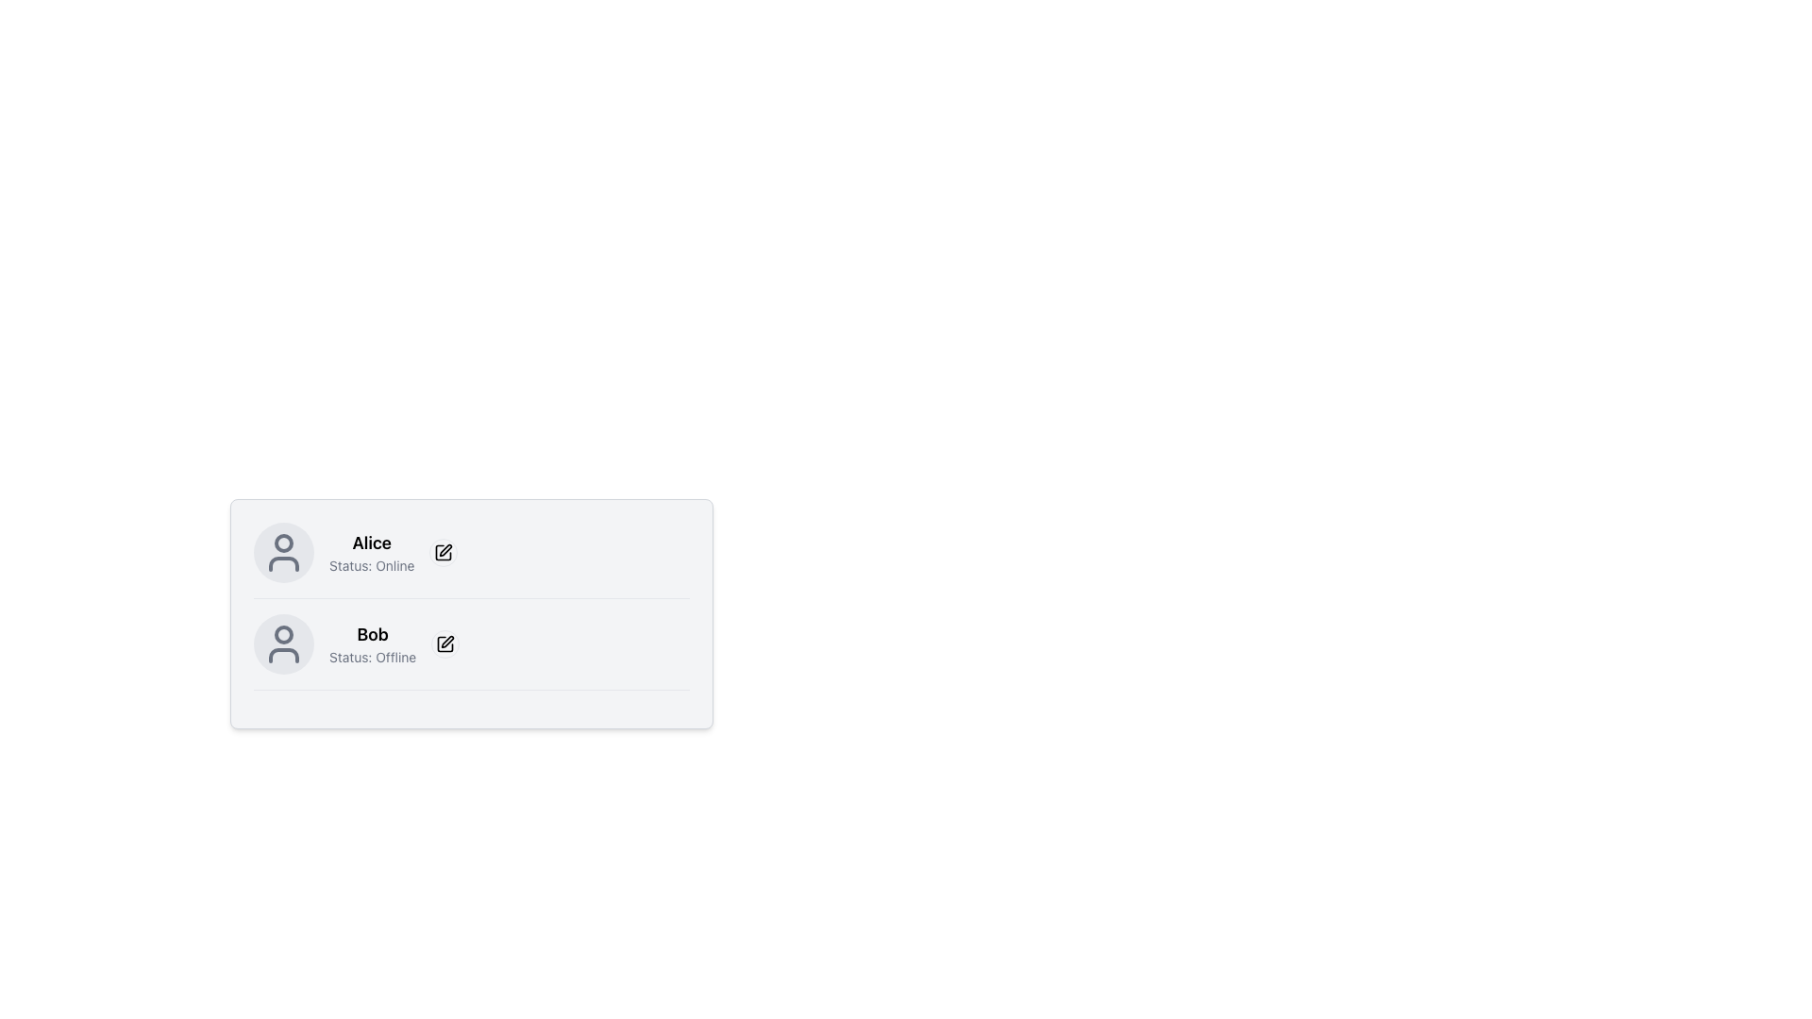  I want to click on the text information displaying the user's name and online status, which is located to the right of the leftmost avatar icon and above the pencil icon, within the first entry of the user list containing 'Alice' and 'Bob', so click(372, 552).